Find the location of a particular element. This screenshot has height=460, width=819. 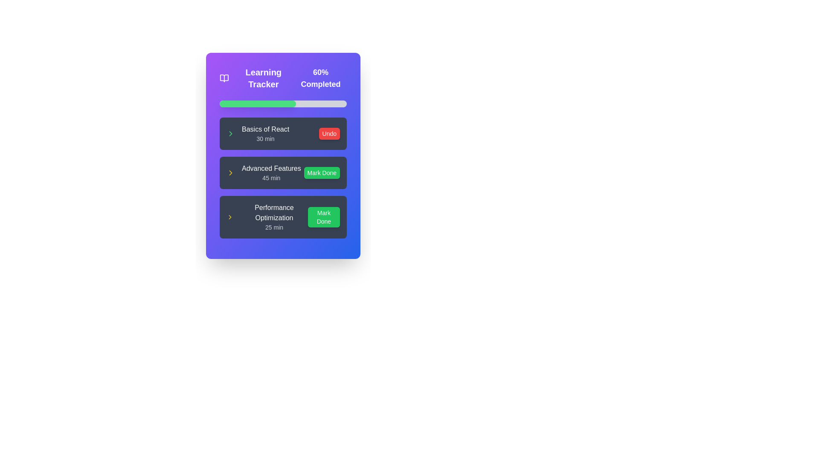

the icon located on the left side of the 'Advanced Features' module is located at coordinates (231, 172).